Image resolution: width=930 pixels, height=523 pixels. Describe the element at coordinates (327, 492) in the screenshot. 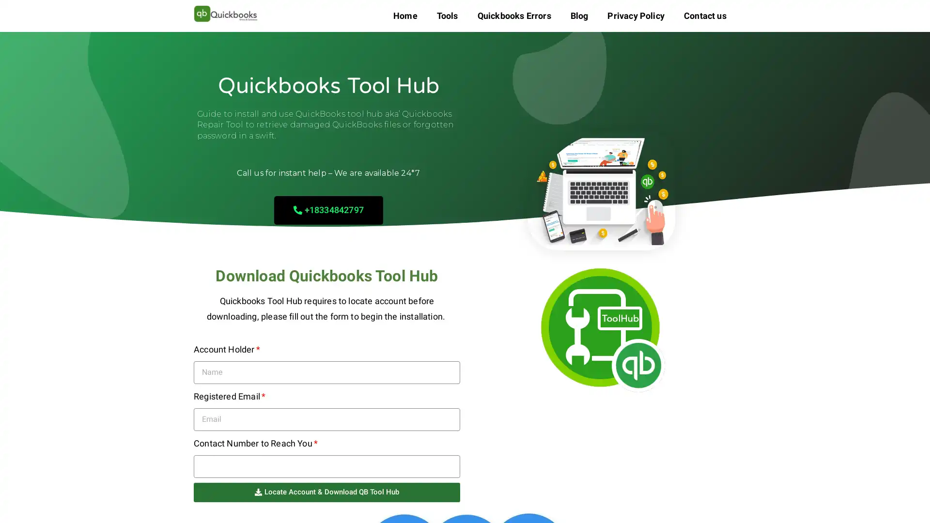

I see `Locate Account & Download QB Tool Hub` at that location.